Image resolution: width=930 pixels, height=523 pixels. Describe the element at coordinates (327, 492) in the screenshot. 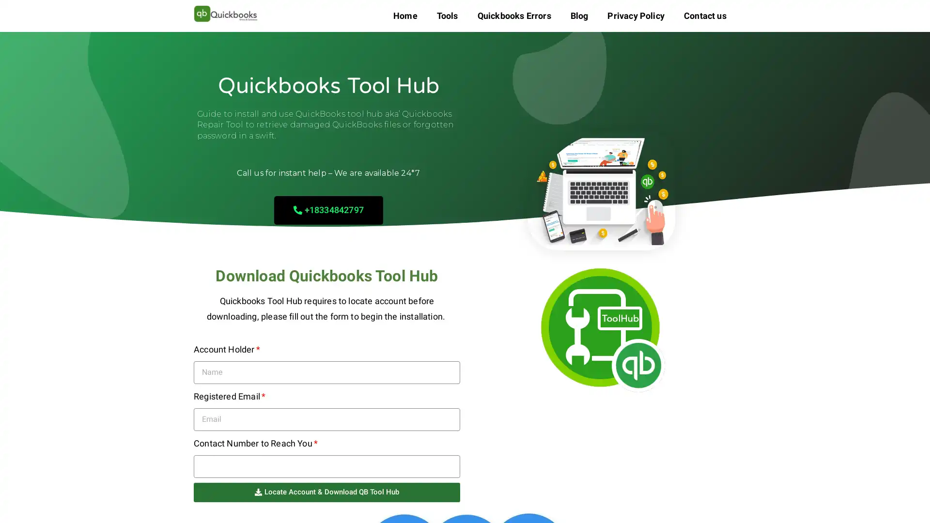

I see `Locate Account & Download QB Tool Hub` at that location.